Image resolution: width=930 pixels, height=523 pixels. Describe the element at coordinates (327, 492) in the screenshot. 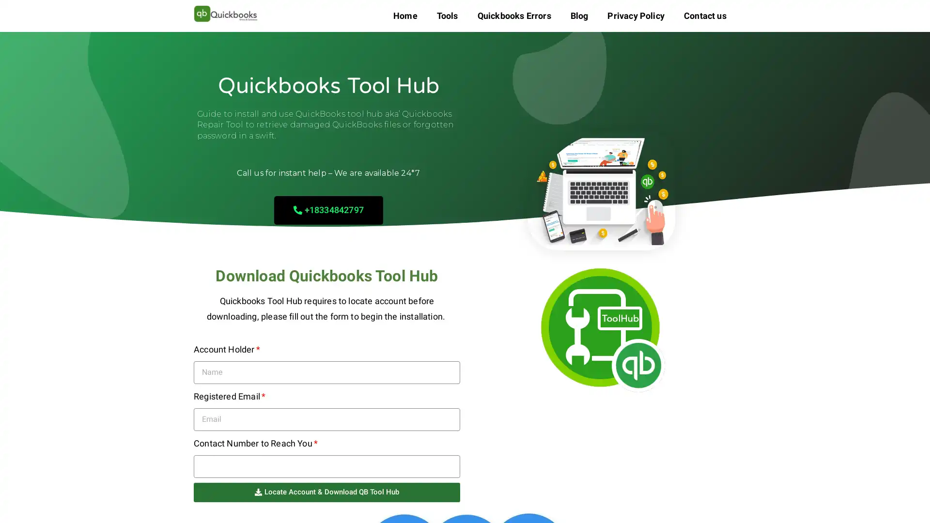

I see `Locate Account & Download QB Tool Hub` at that location.